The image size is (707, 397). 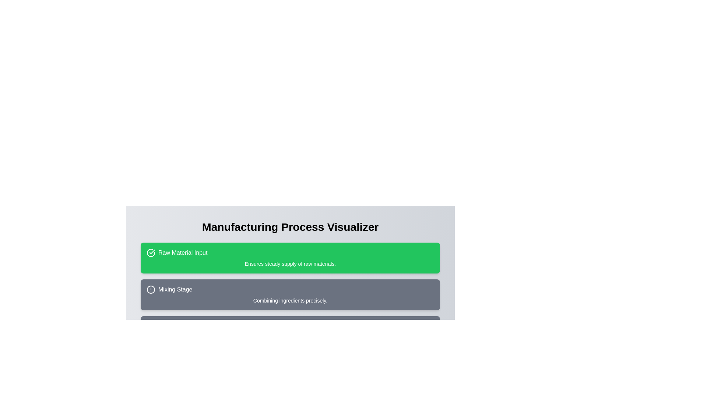 What do you see at coordinates (290, 226) in the screenshot?
I see `header text element titled 'Manufacturing Process Visualizer', which is positioned above the informational cards on the page` at bounding box center [290, 226].